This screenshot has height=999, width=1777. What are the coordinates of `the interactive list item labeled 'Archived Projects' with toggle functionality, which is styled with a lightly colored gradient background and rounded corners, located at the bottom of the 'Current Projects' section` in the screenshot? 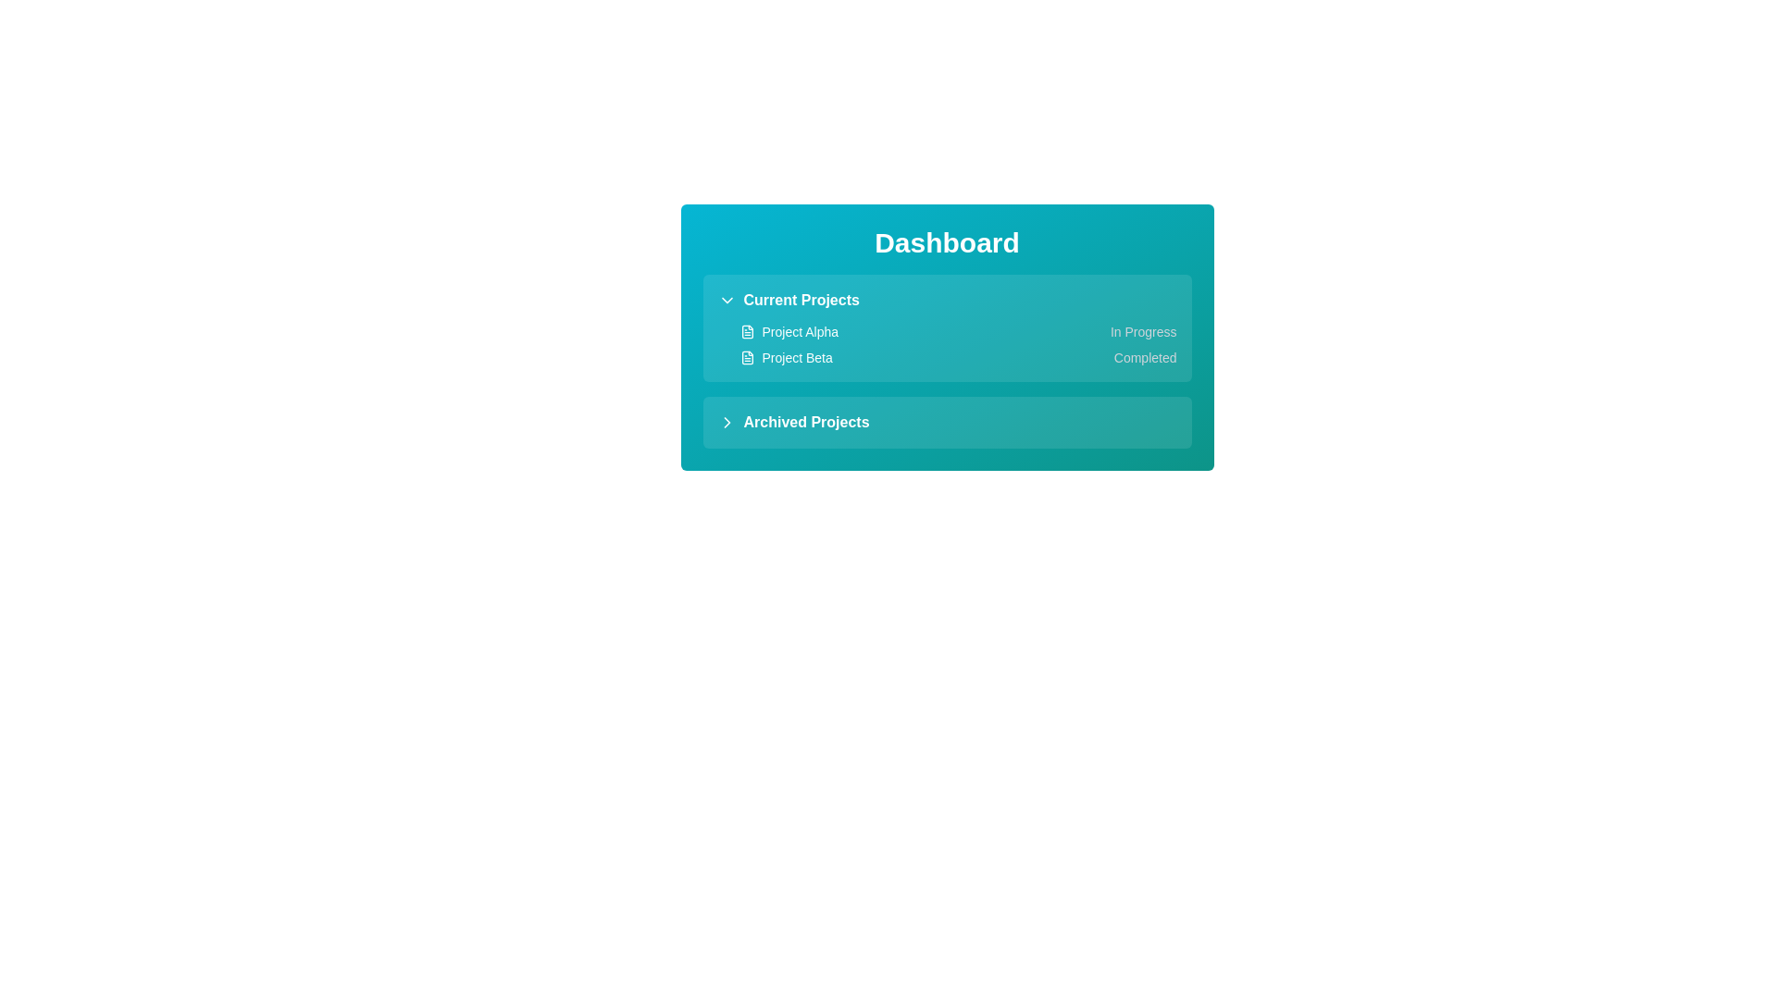 It's located at (947, 422).